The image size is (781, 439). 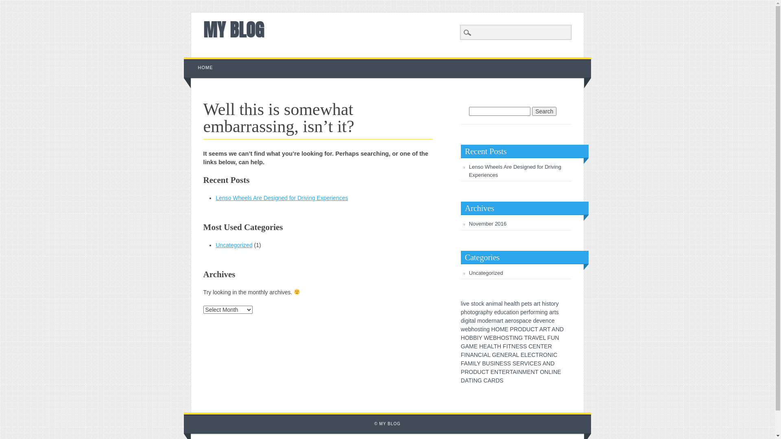 What do you see at coordinates (527, 337) in the screenshot?
I see `'R'` at bounding box center [527, 337].